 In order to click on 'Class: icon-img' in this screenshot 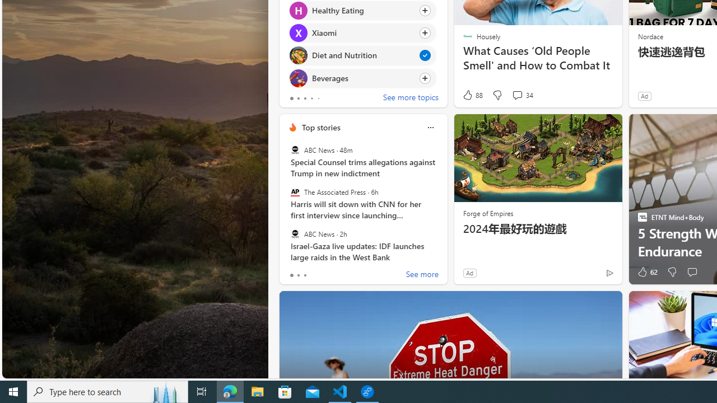, I will do `click(430, 127)`.